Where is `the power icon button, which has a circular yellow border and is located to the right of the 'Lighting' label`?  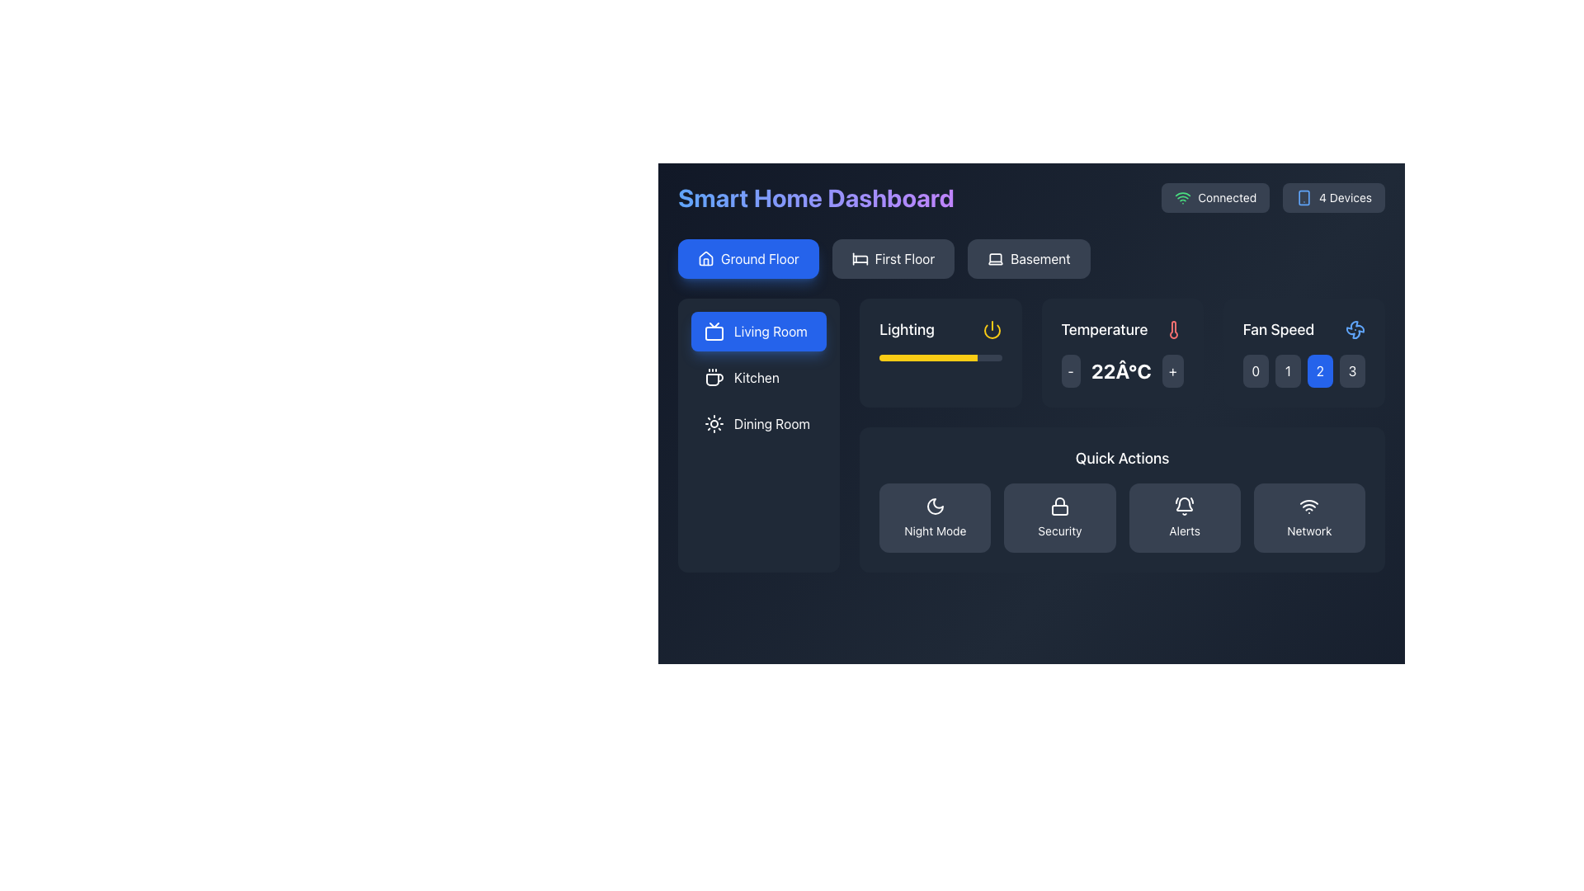 the power icon button, which has a circular yellow border and is located to the right of the 'Lighting' label is located at coordinates (991, 330).